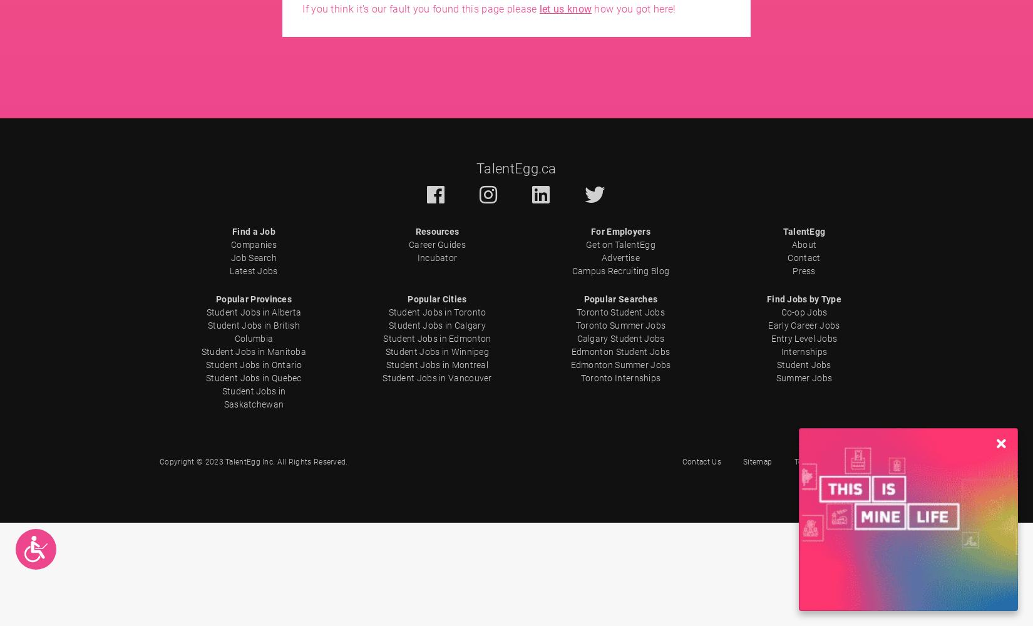 Image resolution: width=1033 pixels, height=626 pixels. Describe the element at coordinates (436, 352) in the screenshot. I see `'Student Jobs in Winnipeg'` at that location.